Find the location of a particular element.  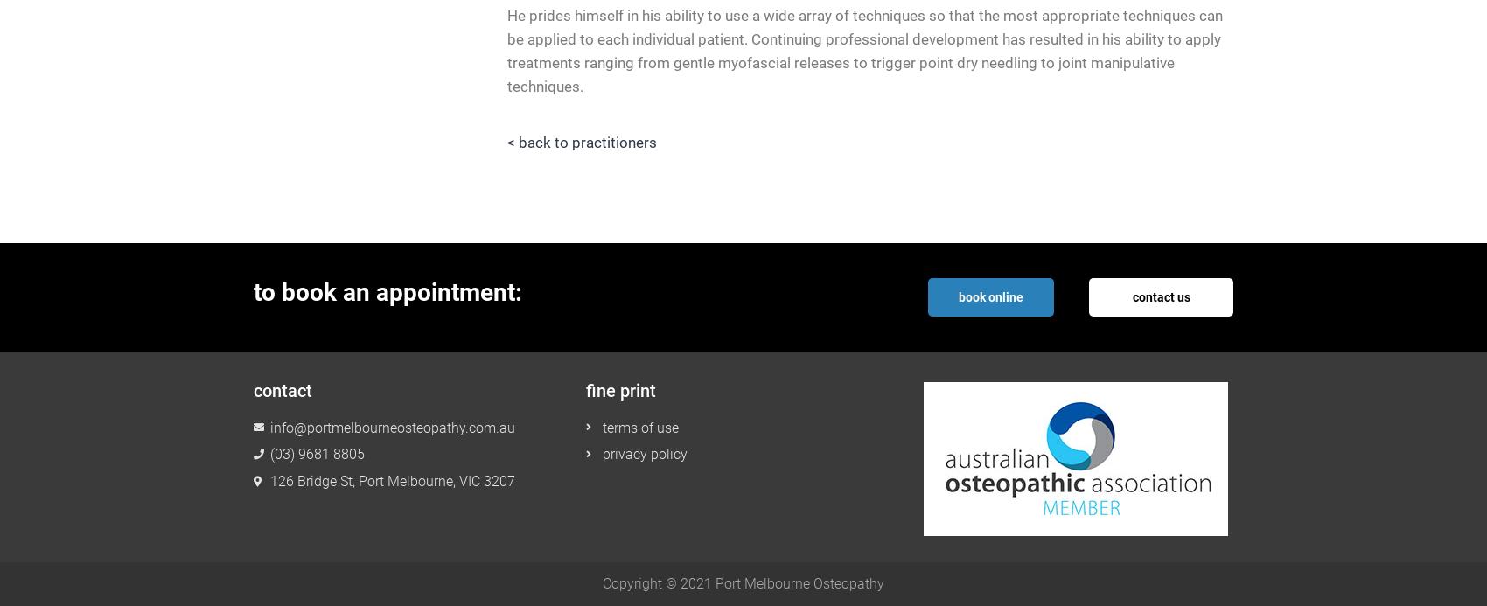

'contact us' is located at coordinates (1161, 296).